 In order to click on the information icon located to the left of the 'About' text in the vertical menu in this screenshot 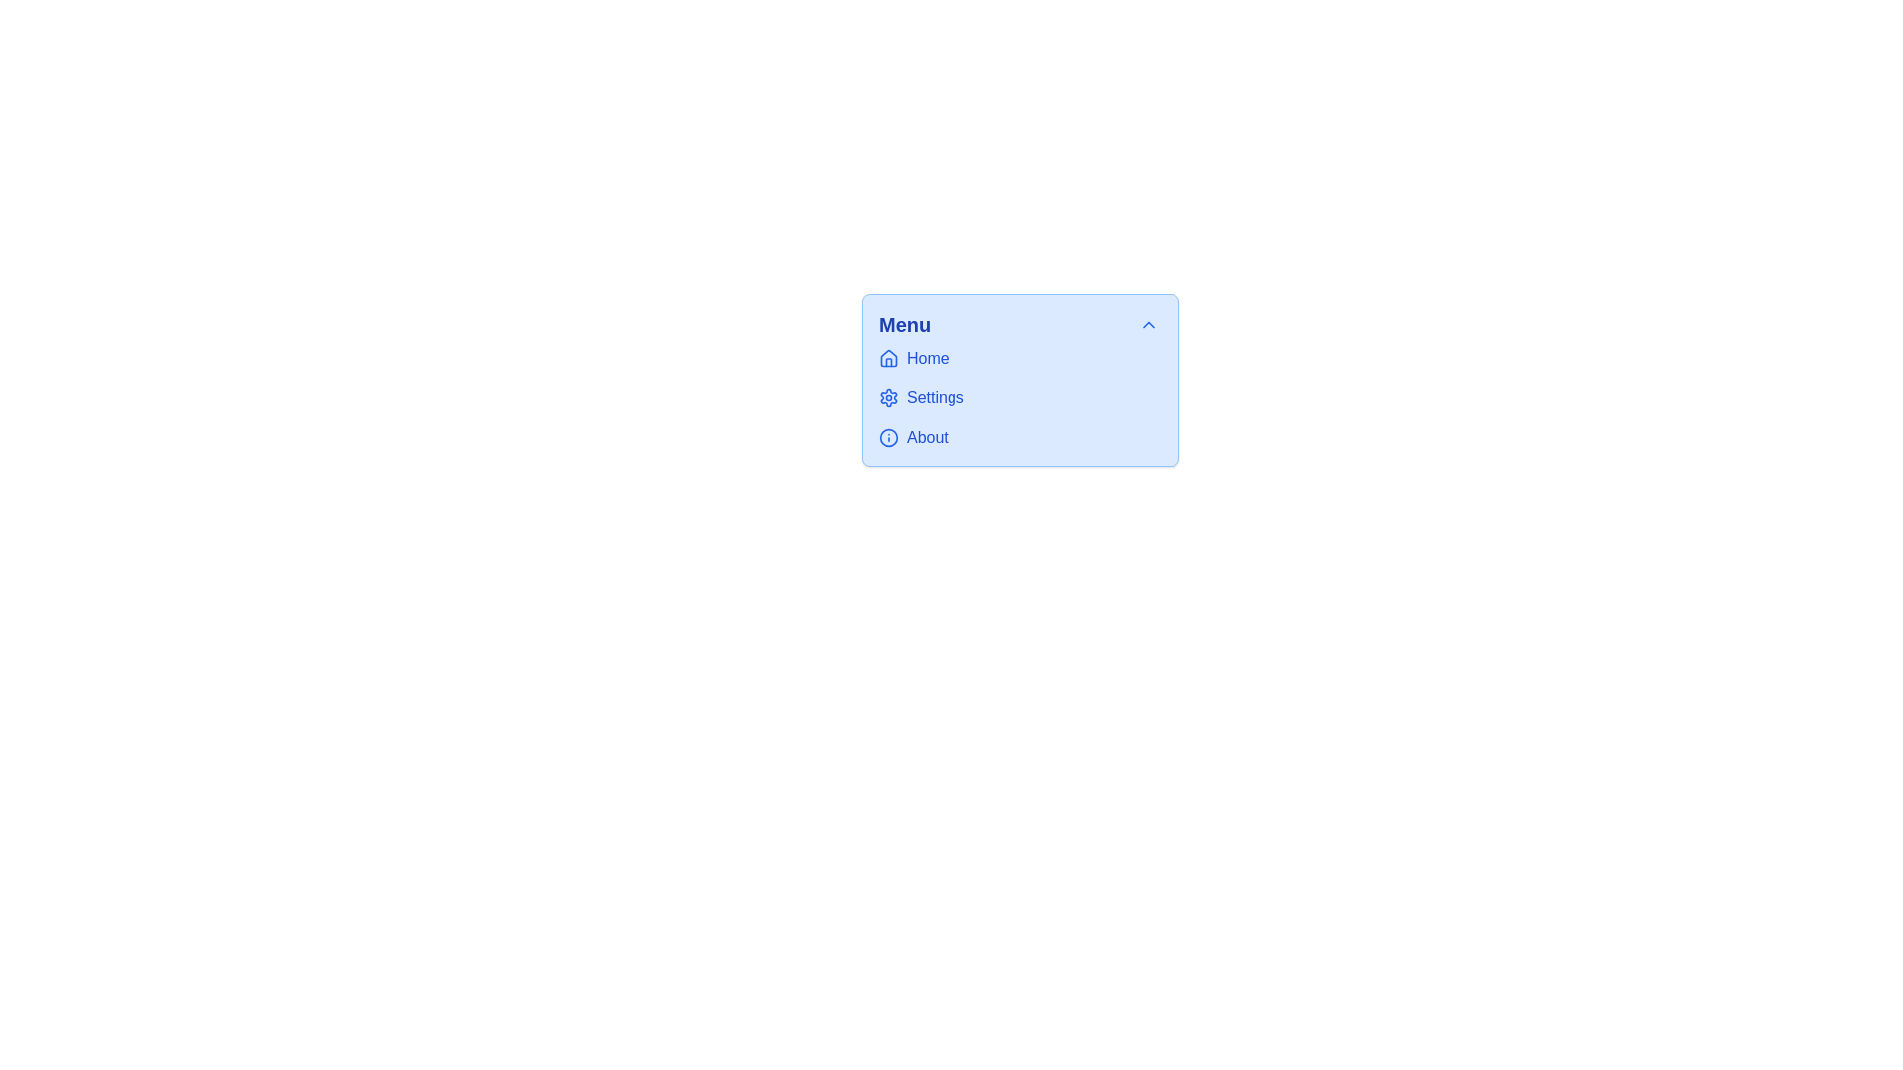, I will do `click(888, 437)`.